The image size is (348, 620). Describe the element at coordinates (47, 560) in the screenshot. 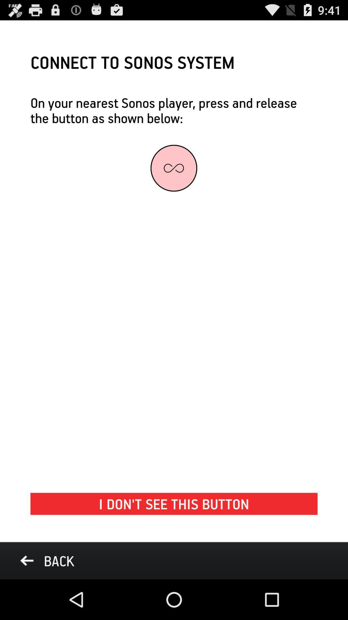

I see `the icon below i don t item` at that location.